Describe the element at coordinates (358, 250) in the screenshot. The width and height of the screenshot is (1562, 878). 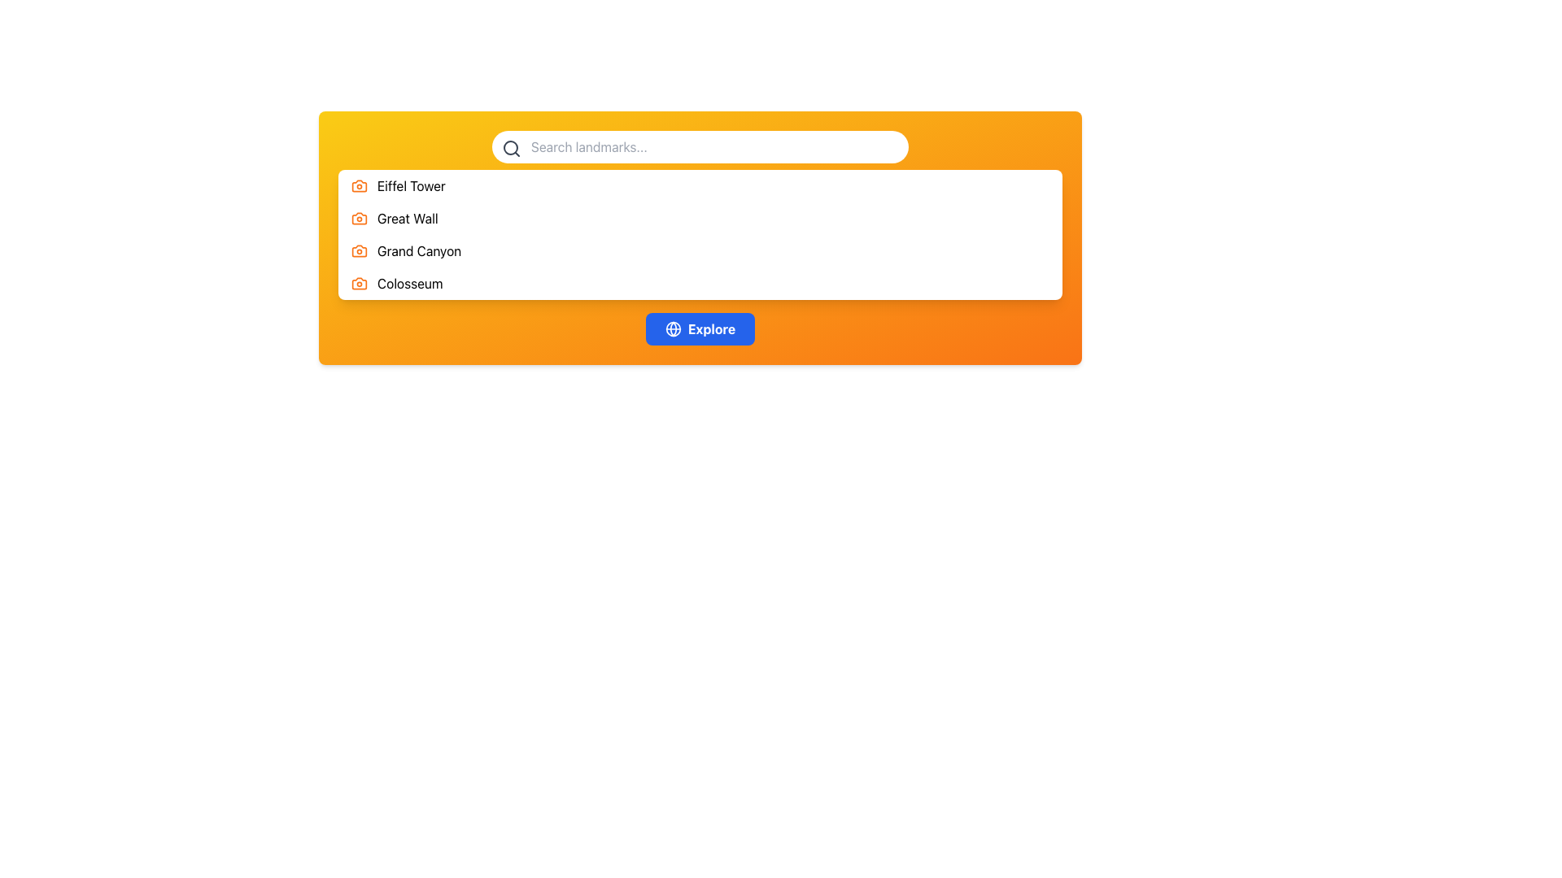
I see `the icon associated with the 'Grand Canyon' list item` at that location.